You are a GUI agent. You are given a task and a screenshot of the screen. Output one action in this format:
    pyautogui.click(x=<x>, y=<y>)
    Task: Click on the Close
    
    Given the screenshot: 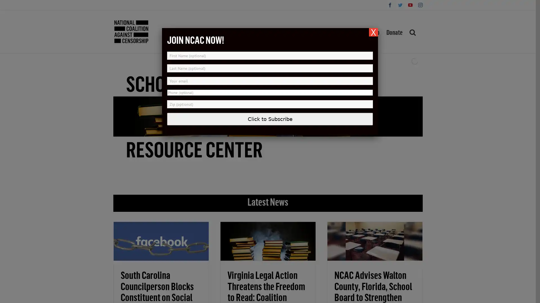 What is the action you would take?
    pyautogui.click(x=373, y=32)
    